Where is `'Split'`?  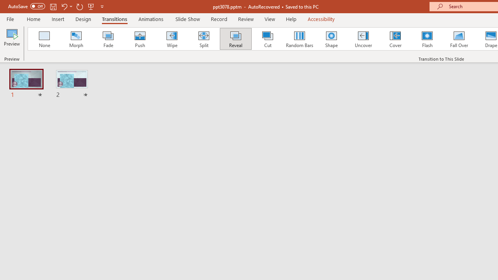 'Split' is located at coordinates (203, 39).